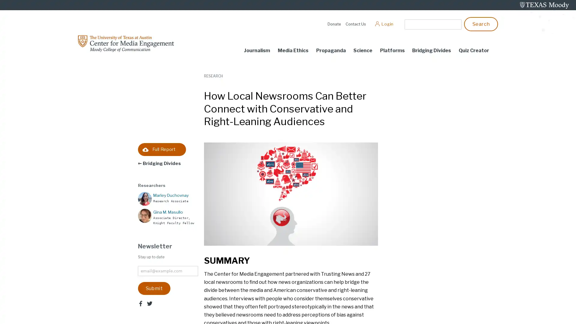 Image resolution: width=576 pixels, height=324 pixels. What do you see at coordinates (481, 23) in the screenshot?
I see `Search` at bounding box center [481, 23].